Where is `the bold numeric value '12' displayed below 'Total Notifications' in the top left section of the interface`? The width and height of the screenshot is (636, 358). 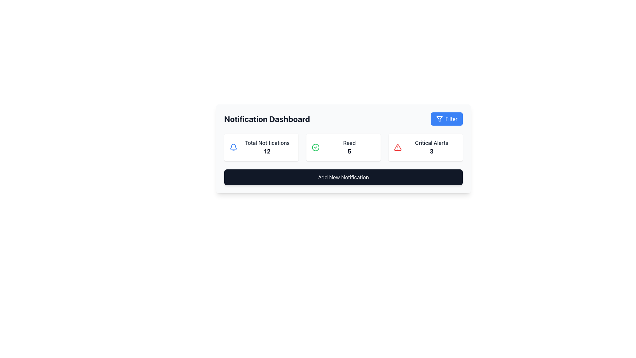
the bold numeric value '12' displayed below 'Total Notifications' in the top left section of the interface is located at coordinates (267, 151).